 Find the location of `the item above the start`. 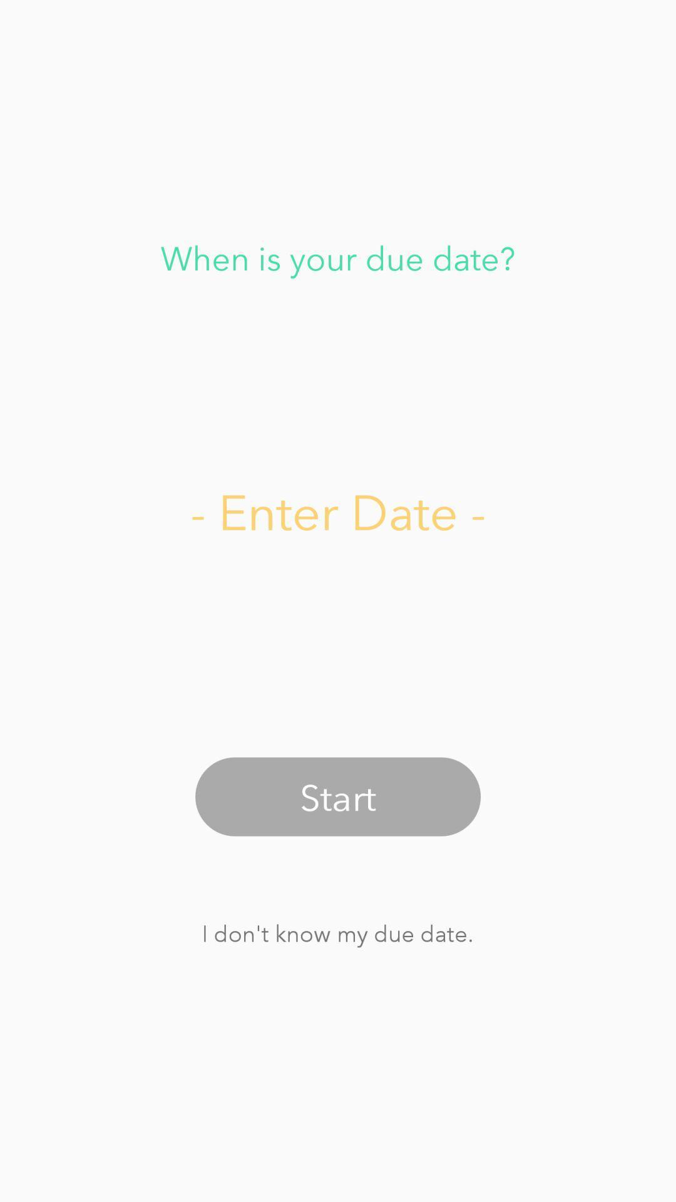

the item above the start is located at coordinates (338, 511).